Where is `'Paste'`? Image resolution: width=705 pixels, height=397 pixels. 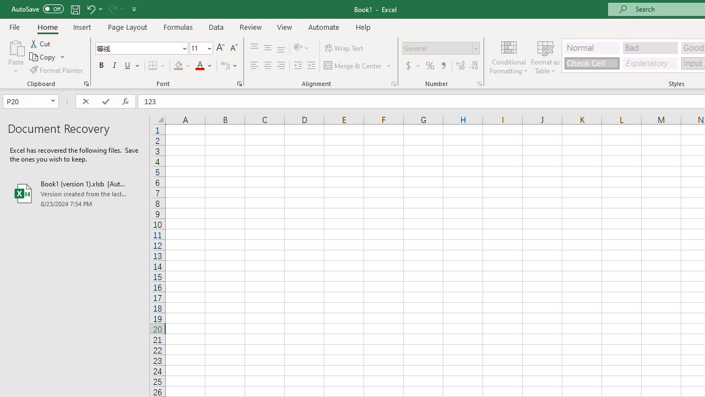 'Paste' is located at coordinates (15, 57).